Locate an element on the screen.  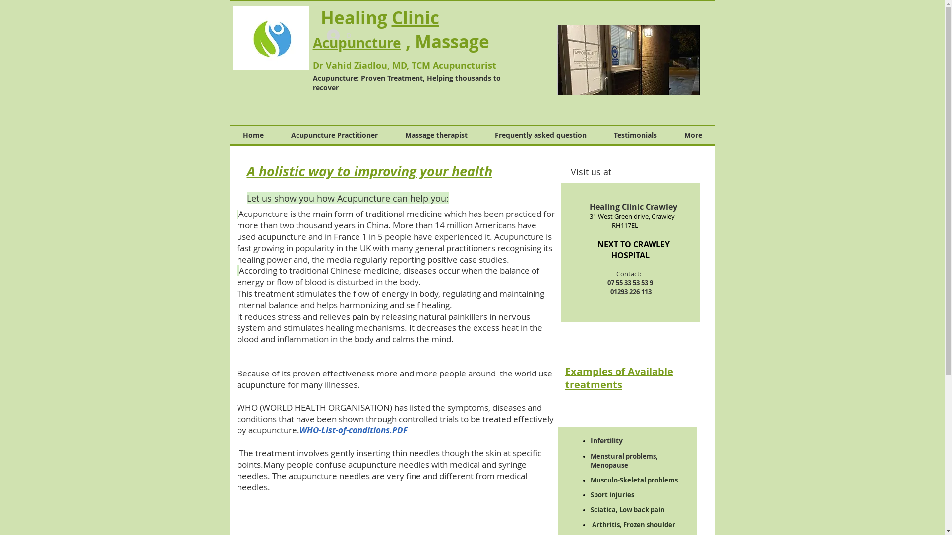
'  Healing ' is located at coordinates (352, 18).